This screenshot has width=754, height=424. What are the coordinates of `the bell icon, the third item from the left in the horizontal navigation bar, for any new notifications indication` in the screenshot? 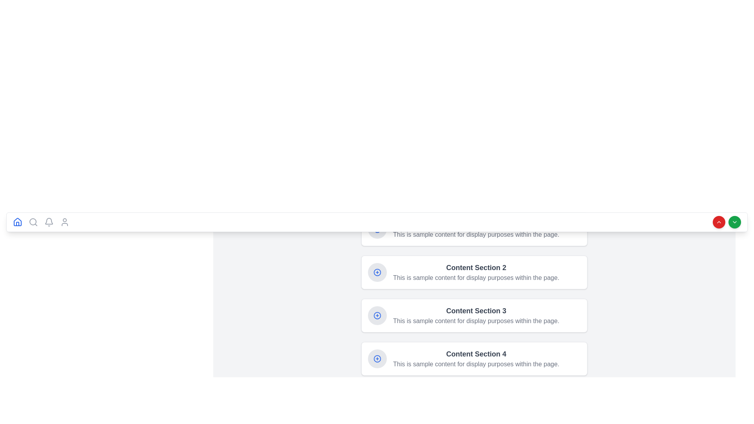 It's located at (48, 222).